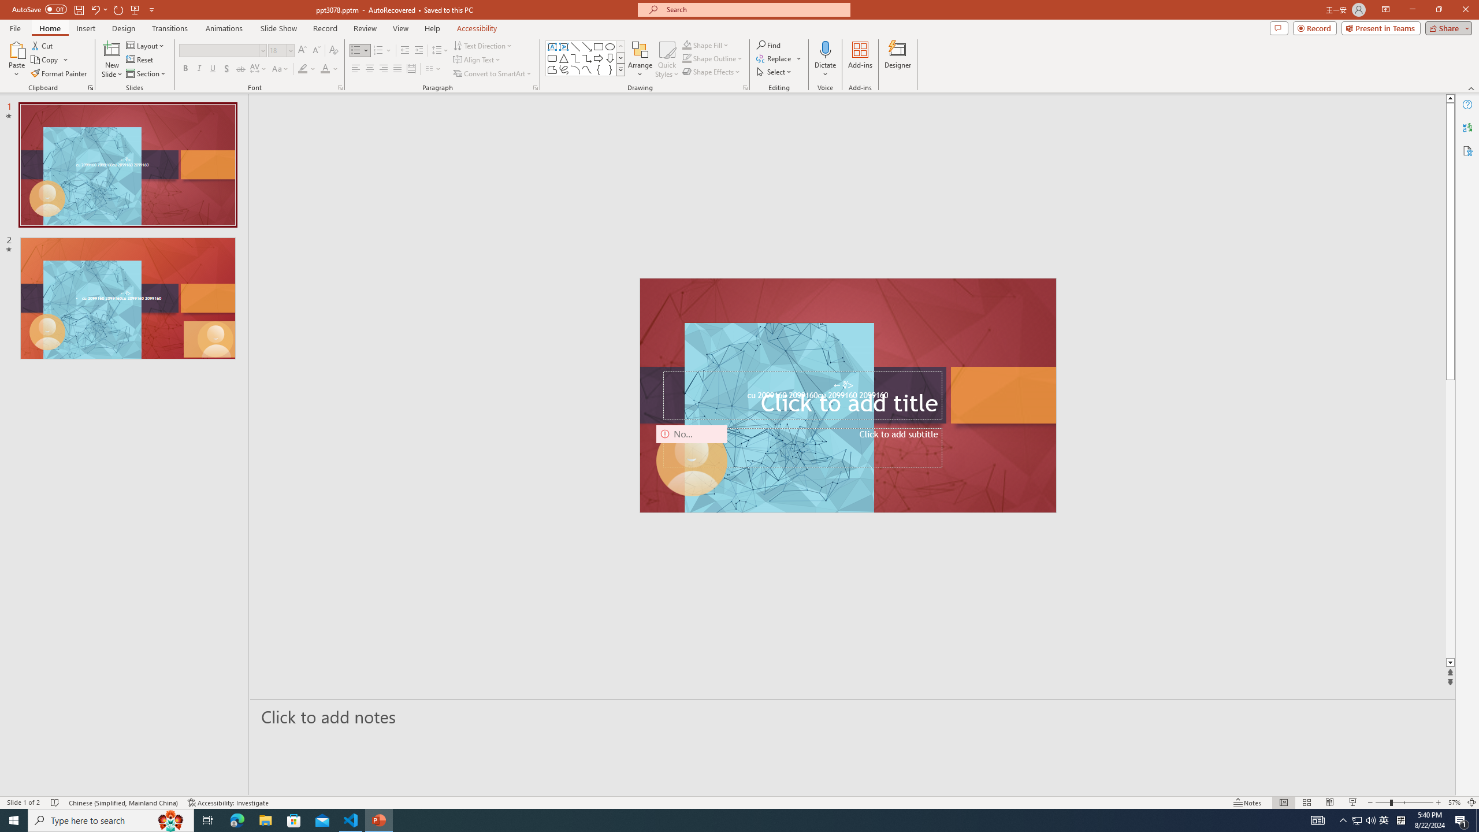  What do you see at coordinates (574, 69) in the screenshot?
I see `'Arc'` at bounding box center [574, 69].